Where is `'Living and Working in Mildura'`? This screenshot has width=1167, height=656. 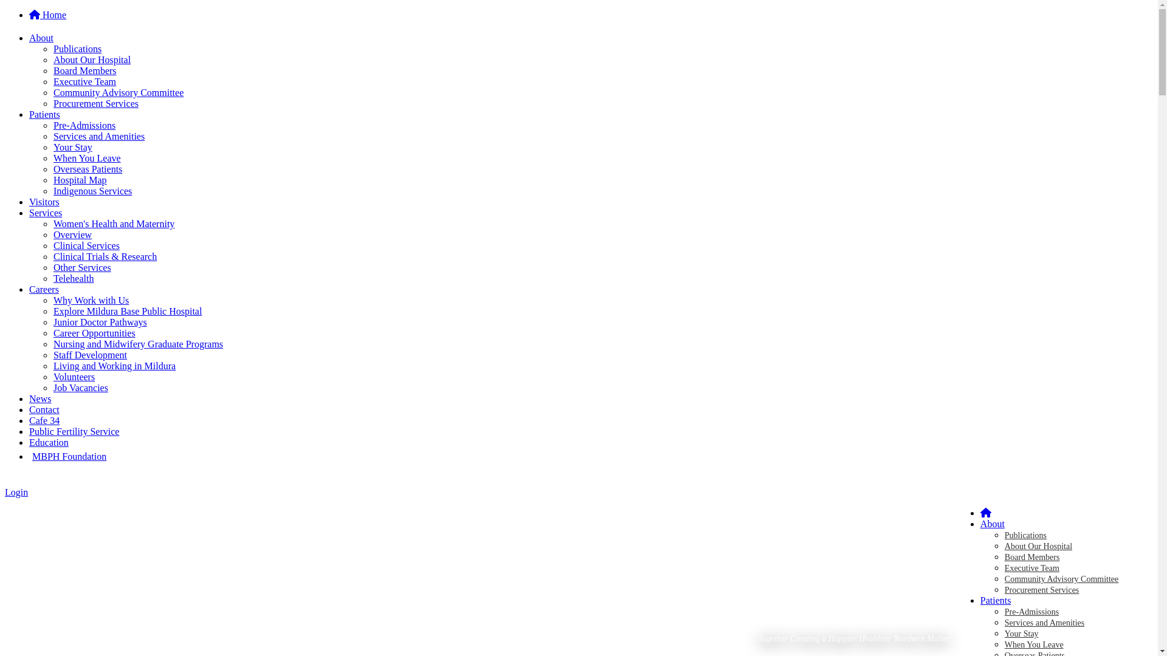
'Living and Working in Mildura' is located at coordinates (52, 365).